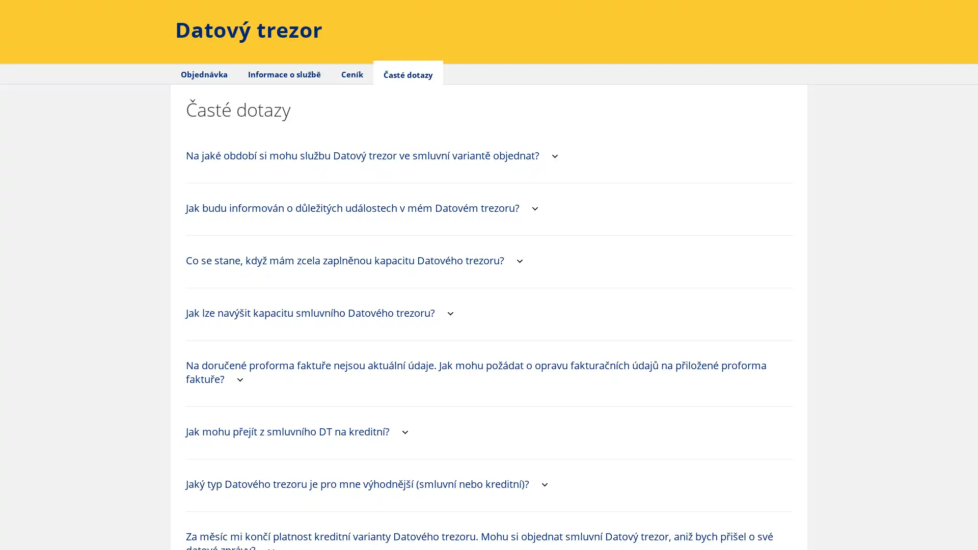 This screenshot has width=978, height=550. Describe the element at coordinates (296, 431) in the screenshot. I see `Jak mohu prejit z smluvniho DT na kreditni? collapse-arrow` at that location.